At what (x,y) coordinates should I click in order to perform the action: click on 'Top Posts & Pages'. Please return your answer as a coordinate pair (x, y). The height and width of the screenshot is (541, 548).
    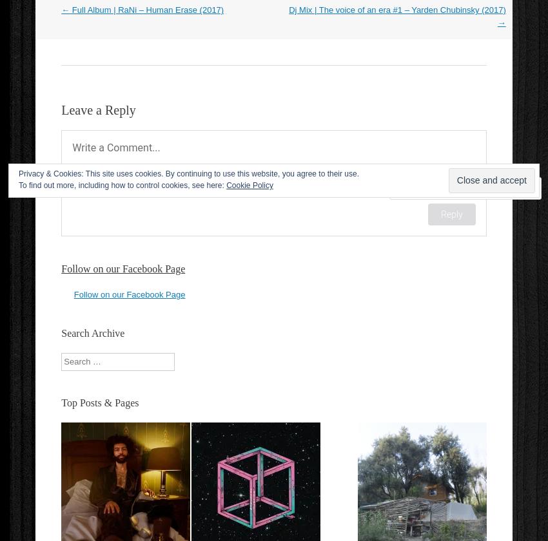
    Looking at the image, I should click on (100, 403).